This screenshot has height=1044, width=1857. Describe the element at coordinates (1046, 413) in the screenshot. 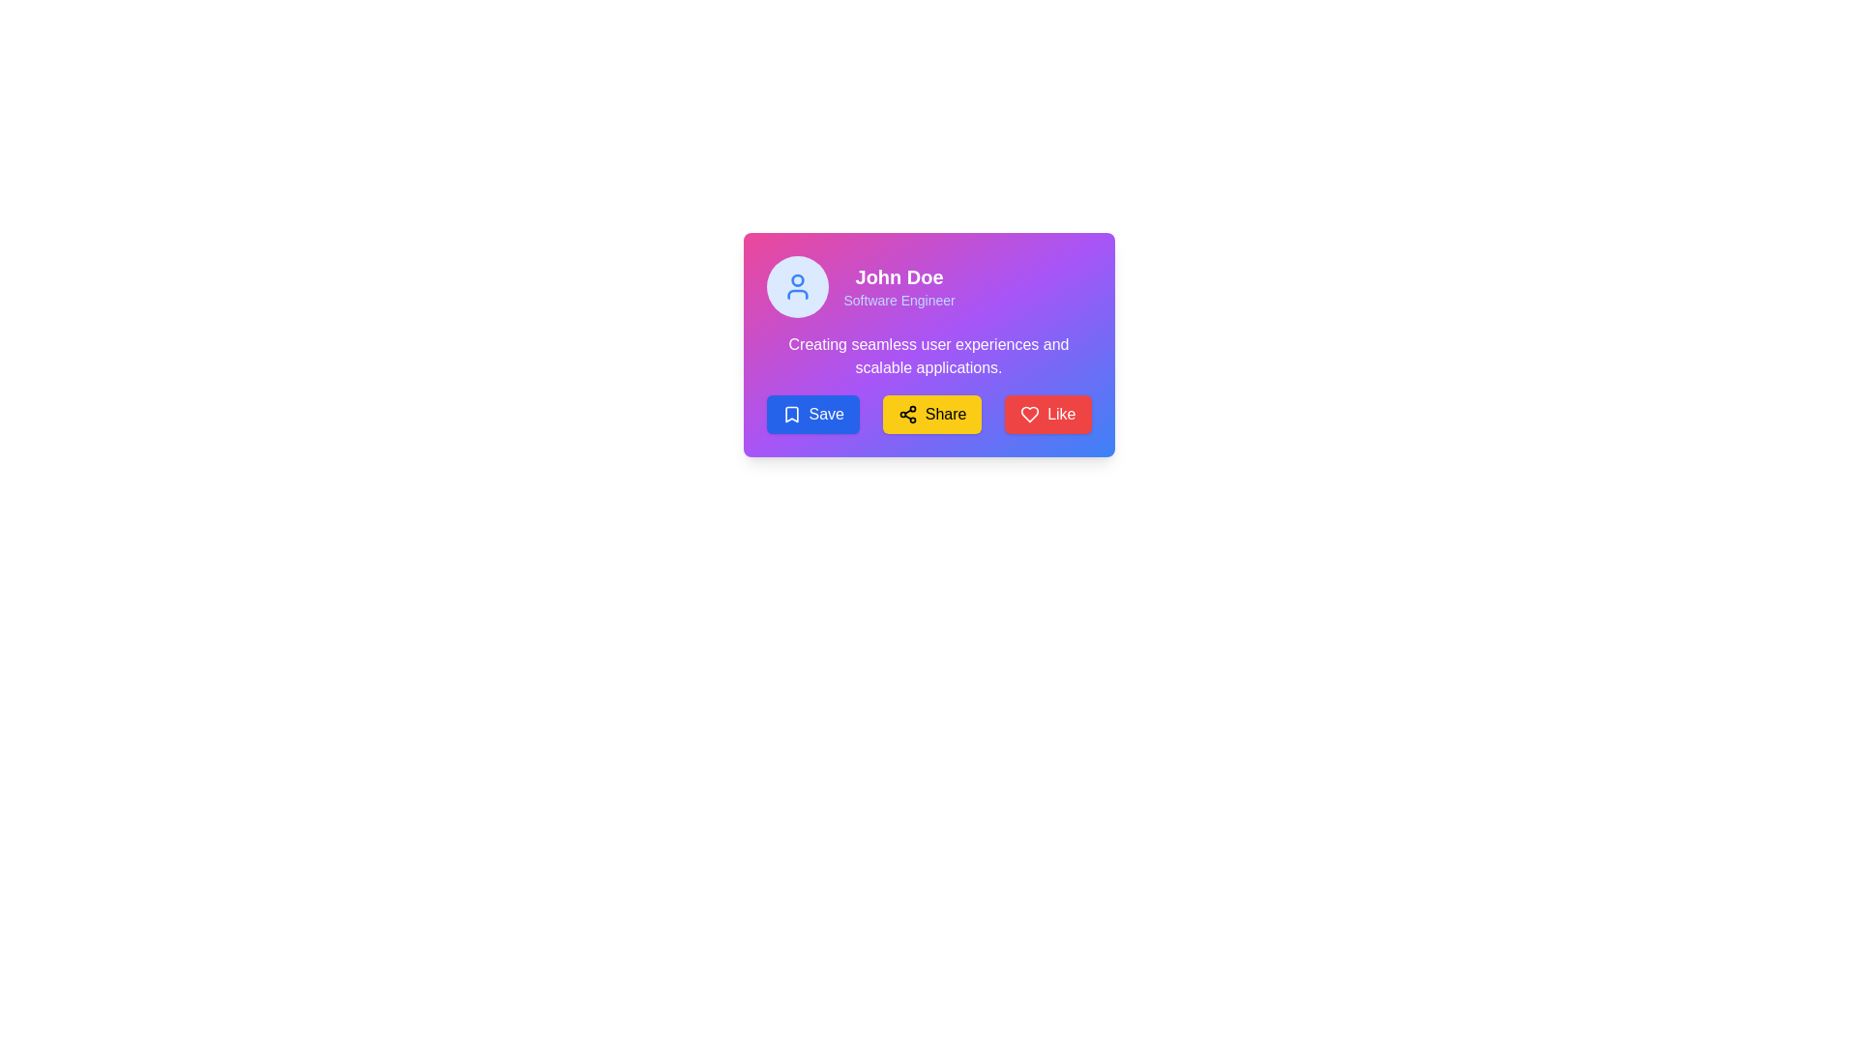

I see `the 'Like' button, which has a red background with white text and a heart icon, located at the bottom right of the card` at that location.